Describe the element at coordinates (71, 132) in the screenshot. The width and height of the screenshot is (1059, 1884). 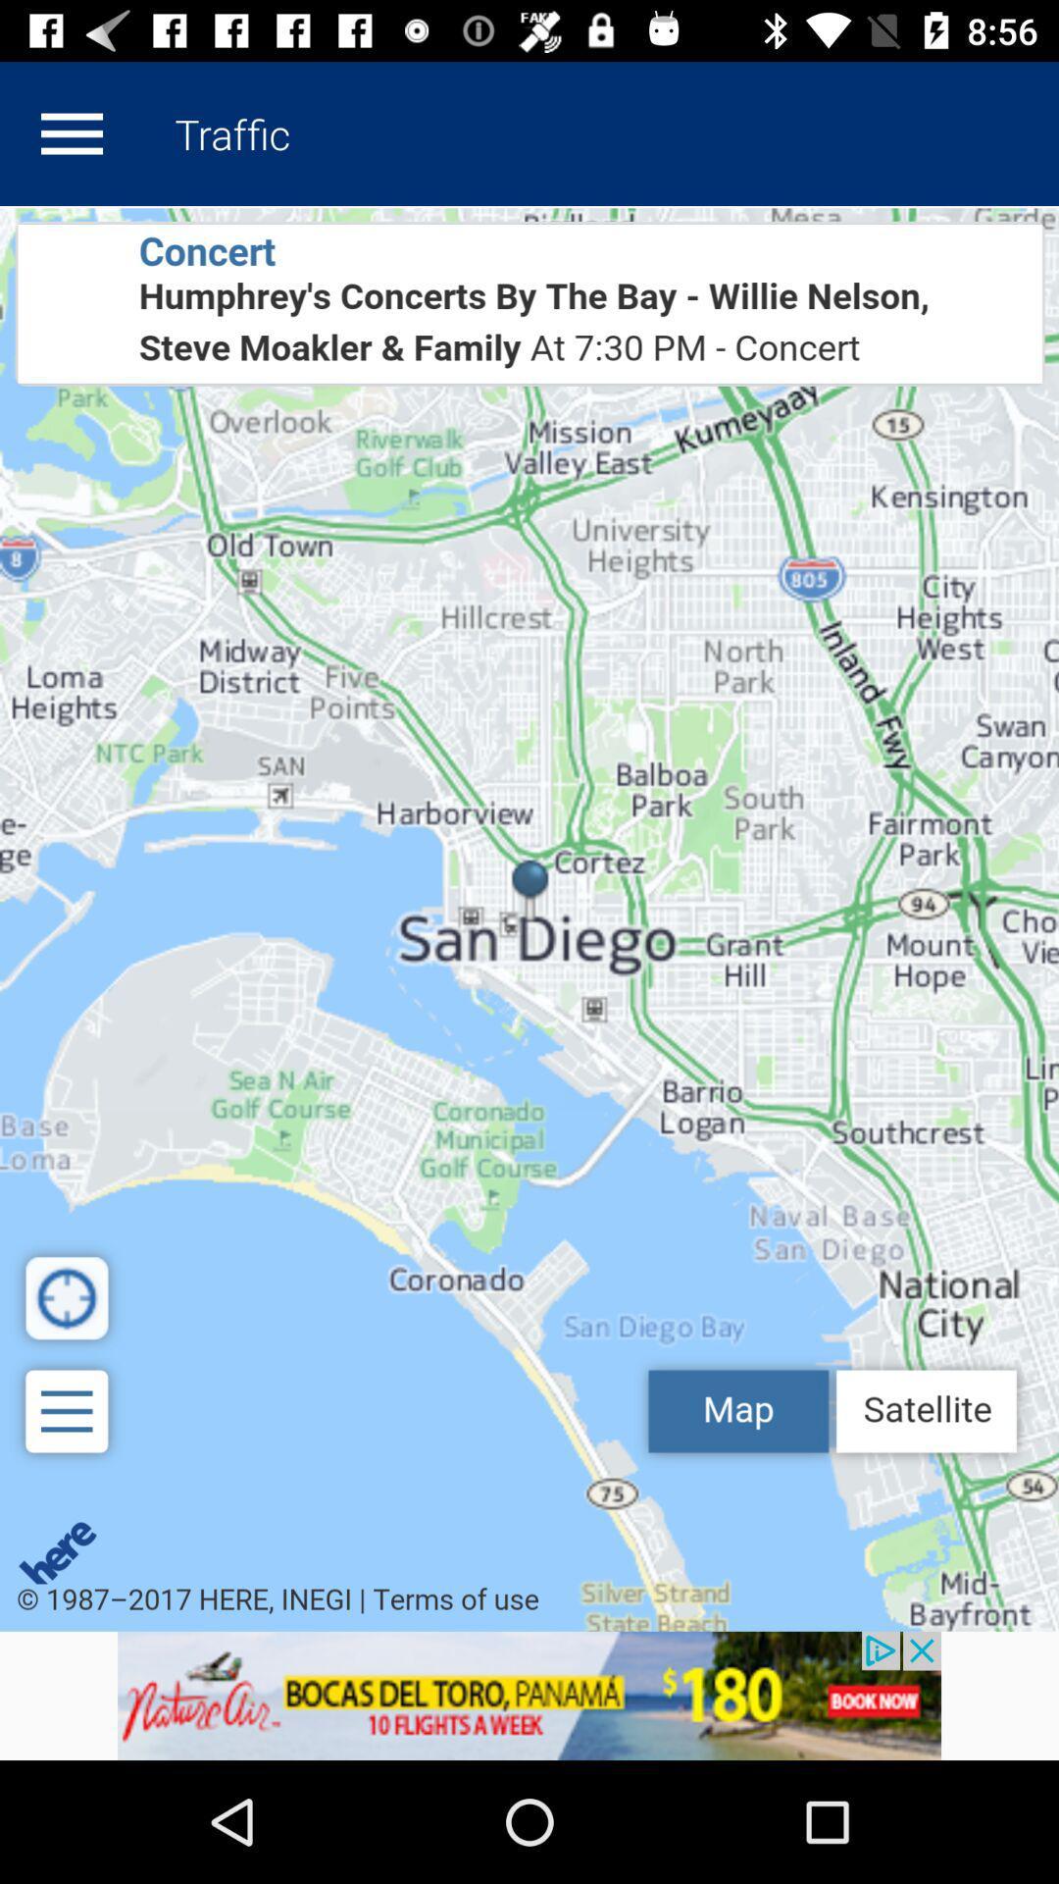
I see `menu option` at that location.